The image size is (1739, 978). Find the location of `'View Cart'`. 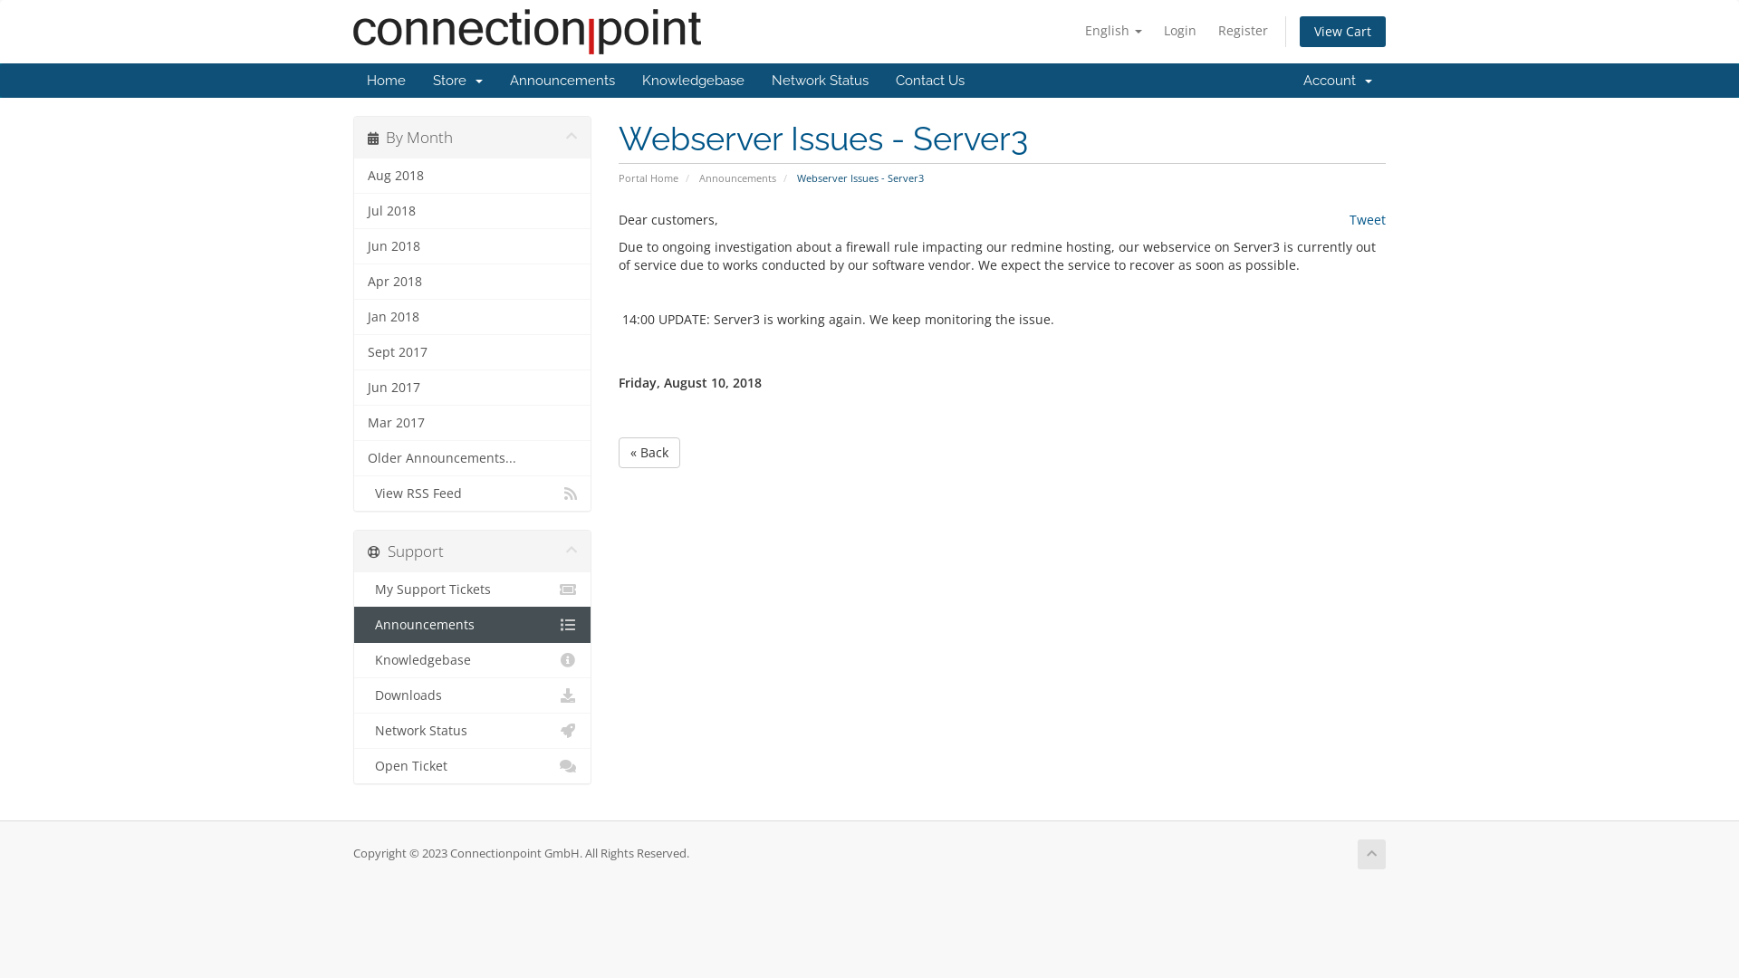

'View Cart' is located at coordinates (1342, 31).